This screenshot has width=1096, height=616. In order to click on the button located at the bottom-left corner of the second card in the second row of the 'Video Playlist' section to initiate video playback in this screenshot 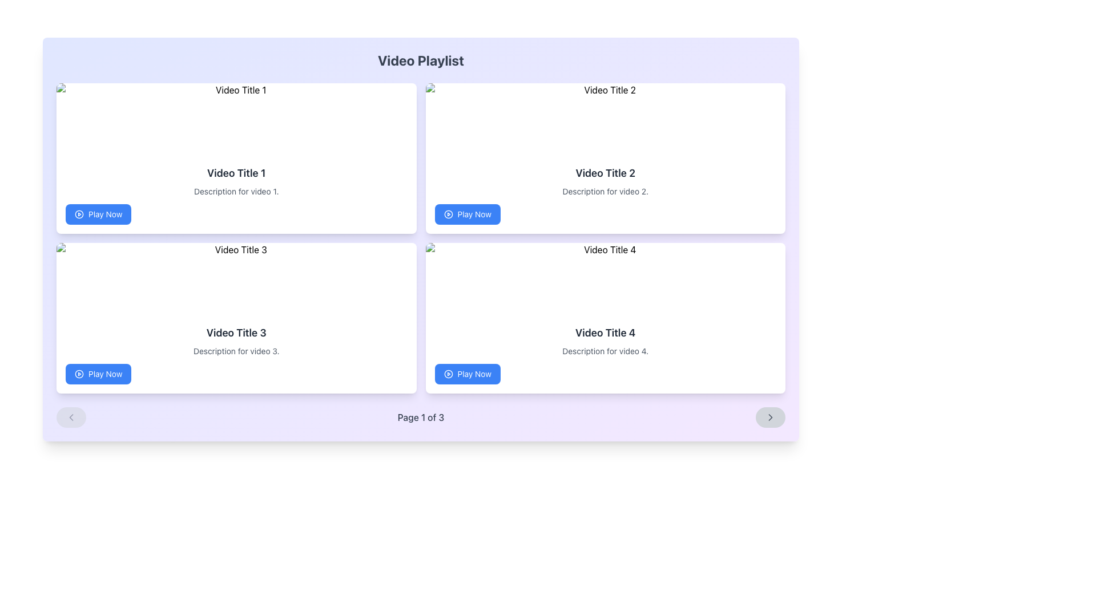, I will do `click(468, 214)`.